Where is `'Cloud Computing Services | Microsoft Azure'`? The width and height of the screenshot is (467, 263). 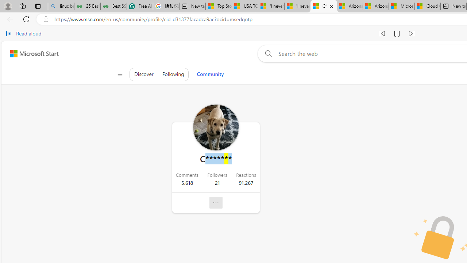 'Cloud Computing Services | Microsoft Azure' is located at coordinates (427, 6).